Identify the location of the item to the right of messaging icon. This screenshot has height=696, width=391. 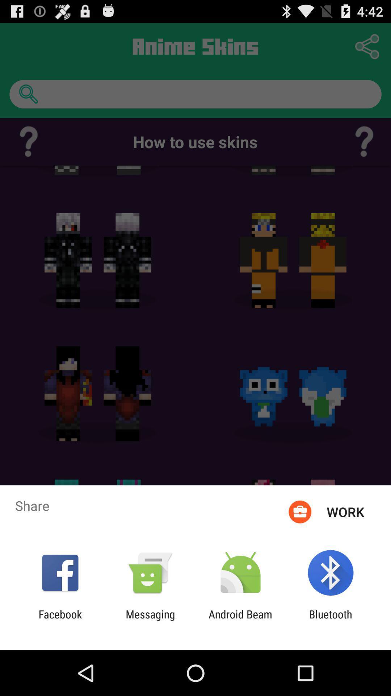
(240, 620).